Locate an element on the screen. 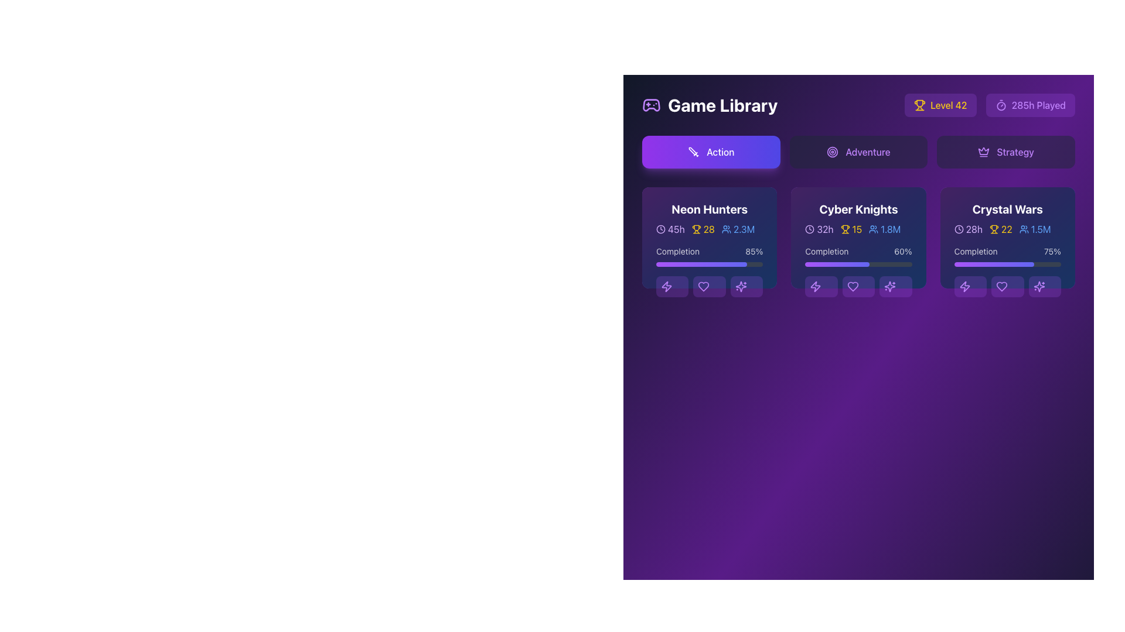 This screenshot has width=1125, height=632. the progress bar component labeled 'Completion' with a numerical text '75%' is located at coordinates (1007, 256).